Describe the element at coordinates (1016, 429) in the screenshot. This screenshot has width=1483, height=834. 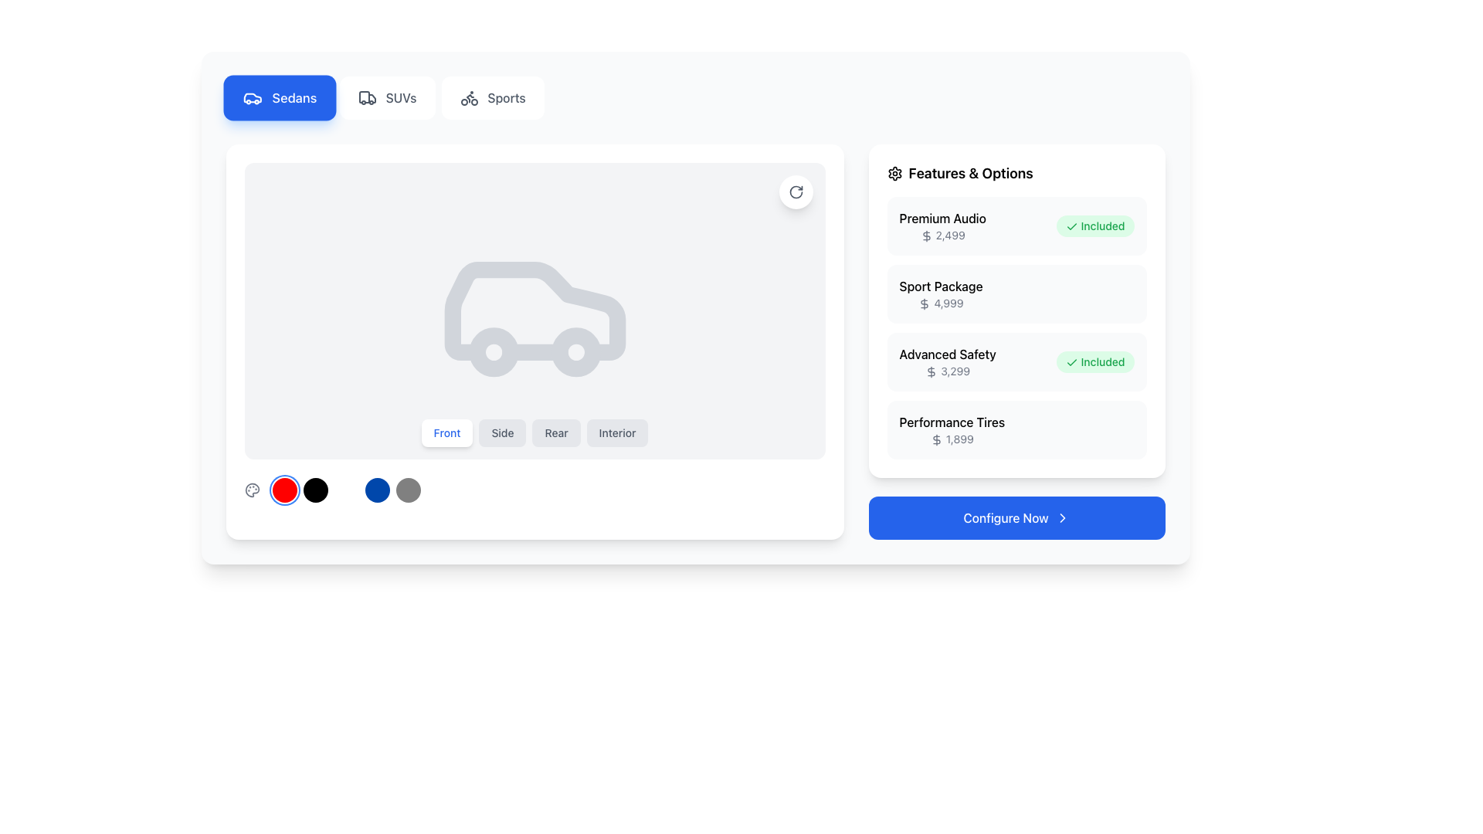
I see `the textual list item labeled 'Performance Tires' with the price '$1,899'` at that location.